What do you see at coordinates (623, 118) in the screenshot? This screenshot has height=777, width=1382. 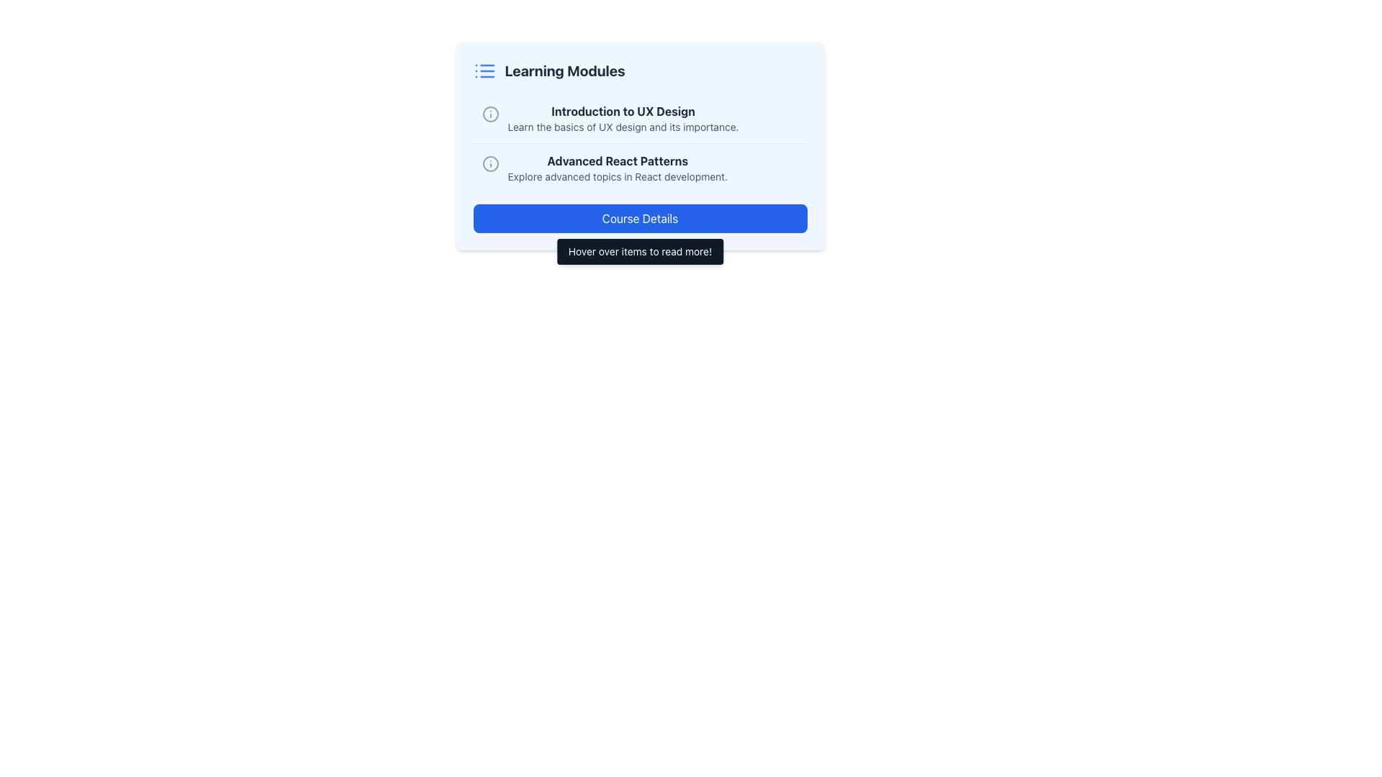 I see `the text element that serves as a description or header for 'Introduction to UX Design' to trigger potential interactions or tooltips` at bounding box center [623, 118].